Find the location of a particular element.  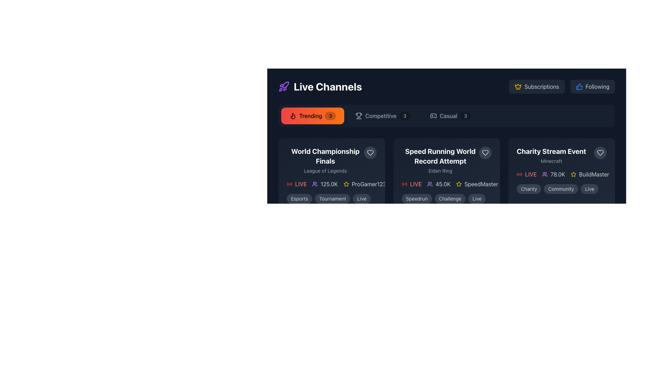

the pulsating Button-like indicator representing the 'live' status of the stream, located to the left of the 'LIVE' label in the Charity Stream Event card is located at coordinates (520, 174).